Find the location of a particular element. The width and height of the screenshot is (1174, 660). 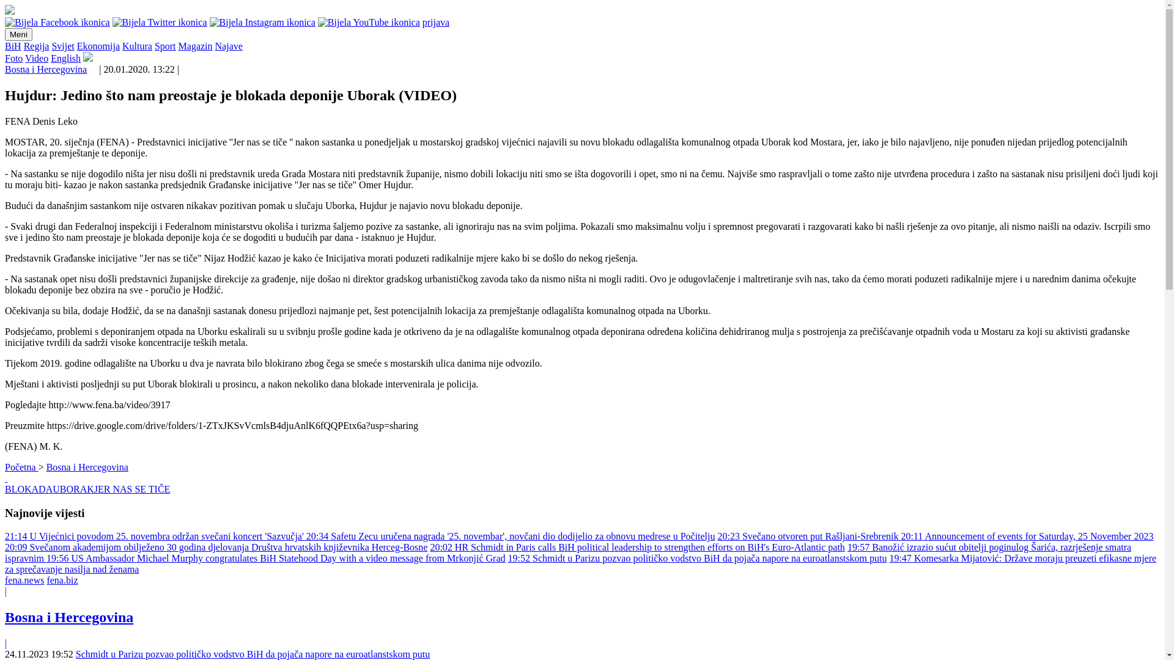

'Magazin' is located at coordinates (196, 45).